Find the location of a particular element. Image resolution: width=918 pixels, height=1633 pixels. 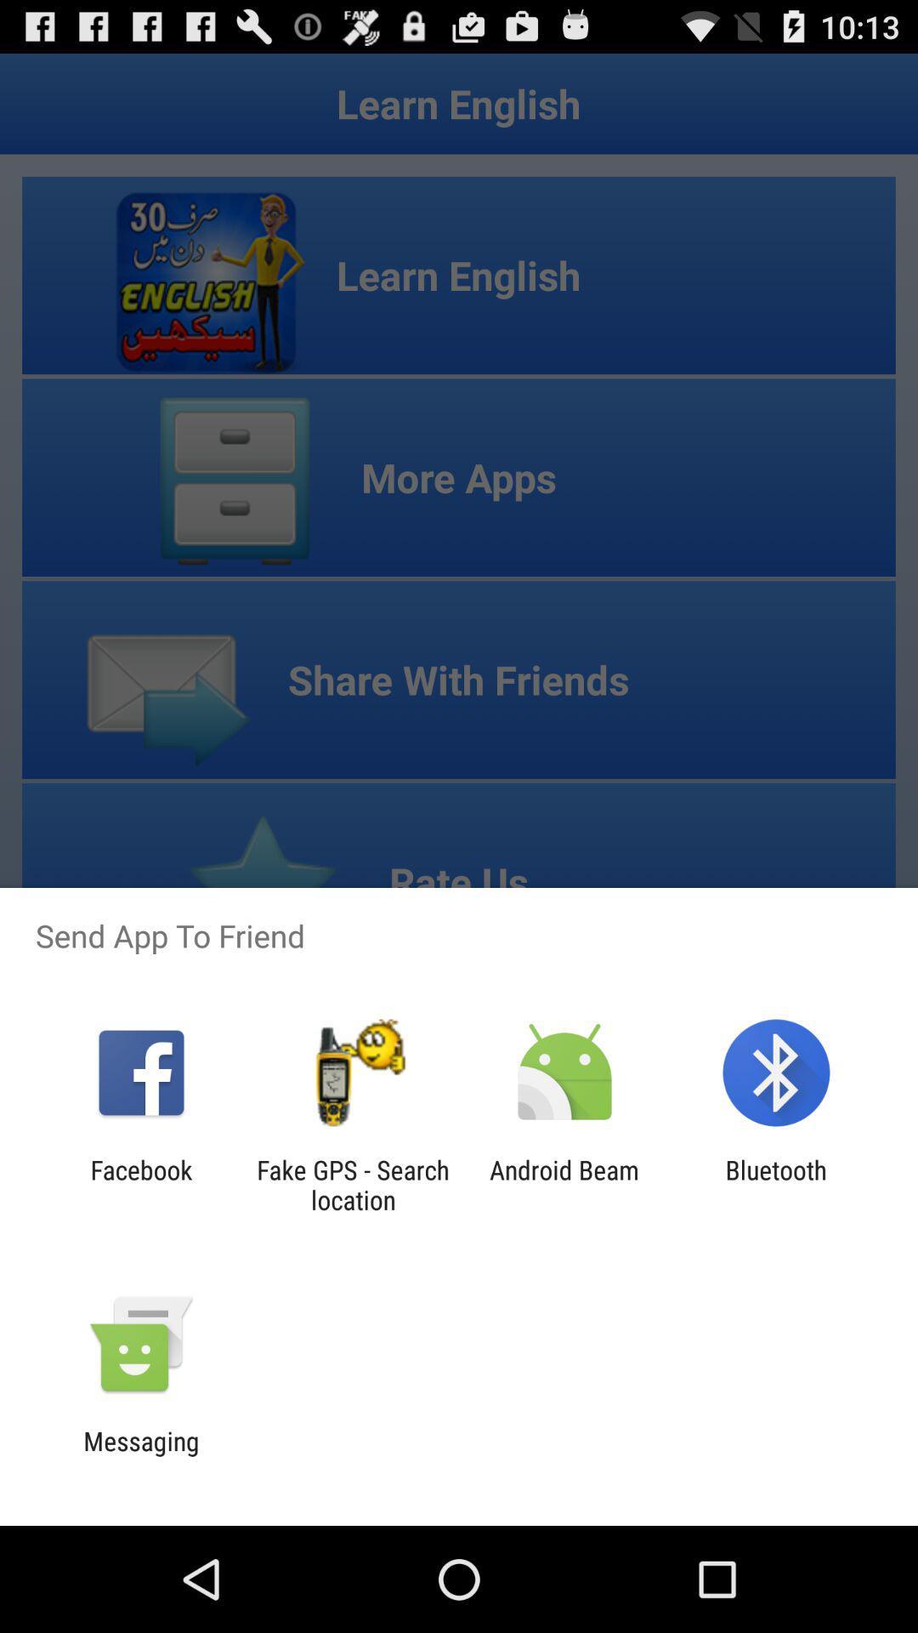

the item next to the fake gps search icon is located at coordinates (564, 1184).